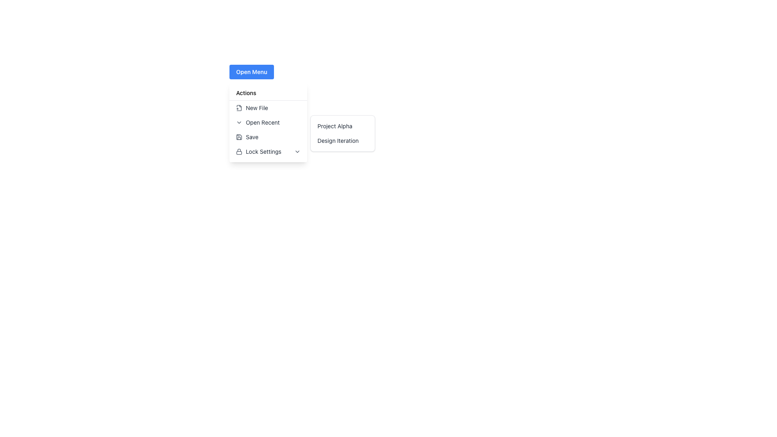  What do you see at coordinates (297, 151) in the screenshot?
I see `the downward-pointing chevron icon in dark gray, which is positioned to the right of the 'Lock Settings' text label` at bounding box center [297, 151].